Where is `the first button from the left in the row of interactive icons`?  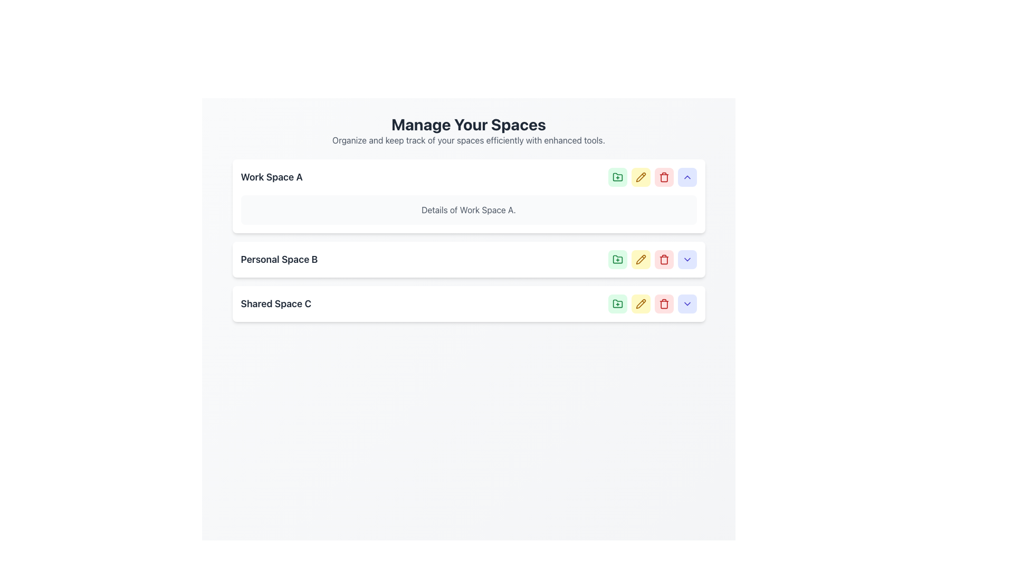
the first button from the left in the row of interactive icons is located at coordinates (617, 176).